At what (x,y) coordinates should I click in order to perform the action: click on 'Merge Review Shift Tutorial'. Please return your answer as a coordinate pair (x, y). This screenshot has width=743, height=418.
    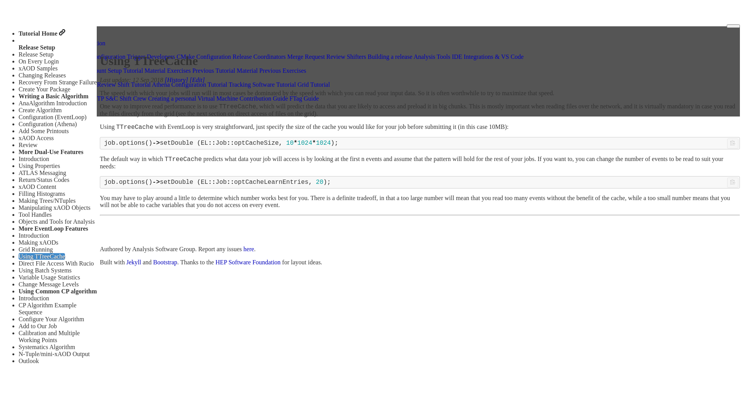
    Looking at the image, I should click on (115, 84).